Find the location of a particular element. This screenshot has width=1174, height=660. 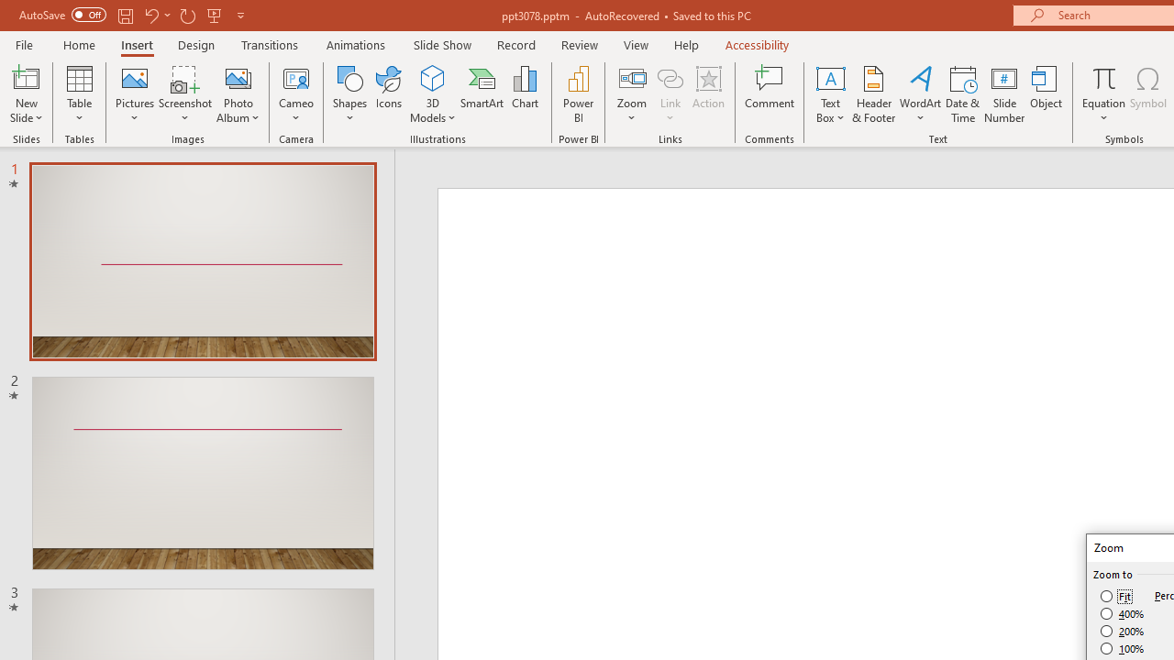

'Symbol...' is located at coordinates (1147, 94).